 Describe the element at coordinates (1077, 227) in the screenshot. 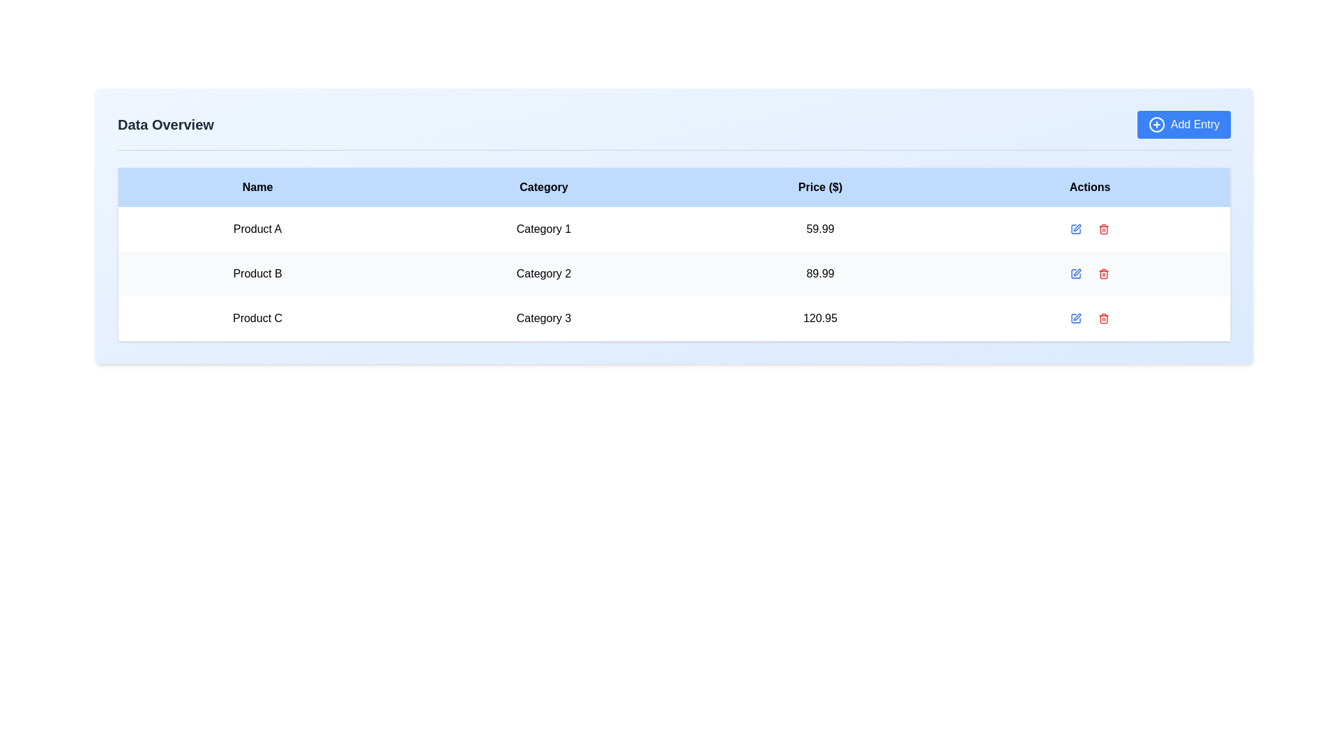

I see `the icon component in the 'Actions' column of the first row, which is a pen-like shape within a square outline, following 'Product A'` at that location.